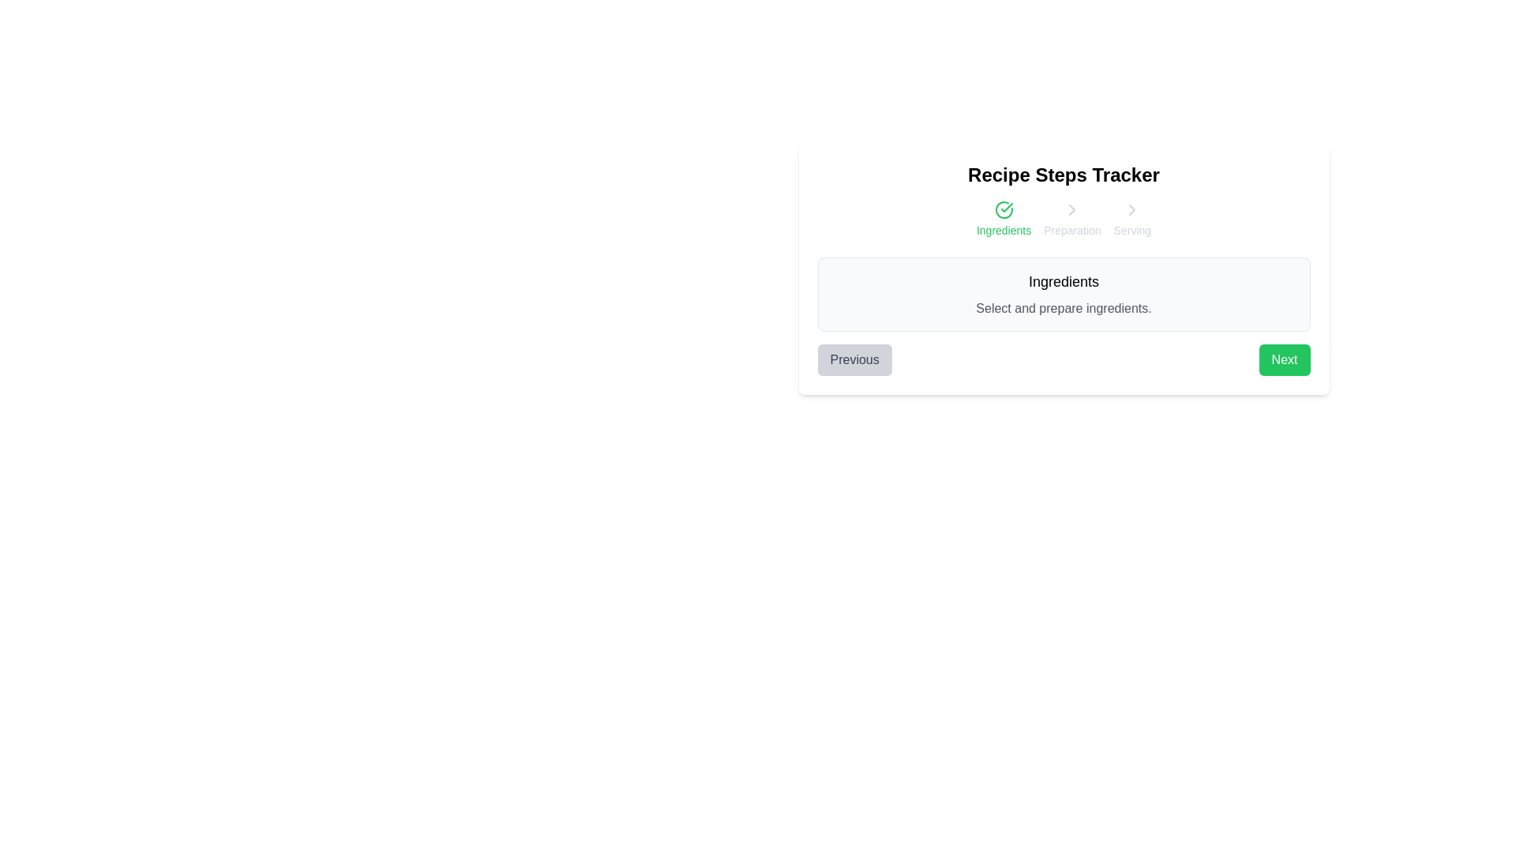 The width and height of the screenshot is (1516, 853). Describe the element at coordinates (1072, 219) in the screenshot. I see `the 'Preparation' step indicator in the process tracker, which is the second step between 'Ingredients' and 'Serving'` at that location.